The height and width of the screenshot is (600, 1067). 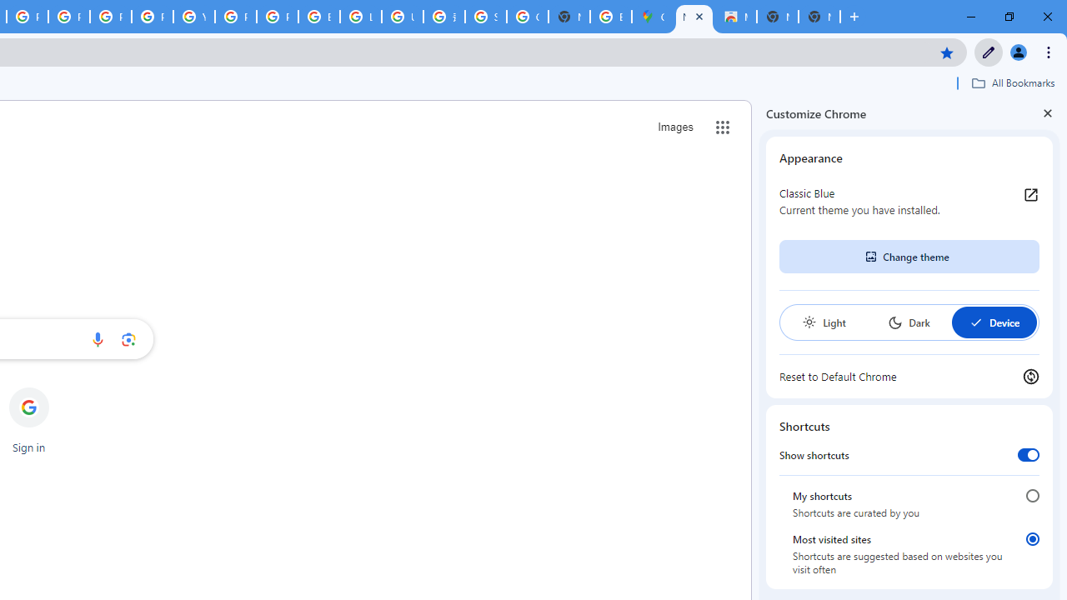 What do you see at coordinates (909, 200) in the screenshot?
I see `'Classic Blue Current theme you have installed.'` at bounding box center [909, 200].